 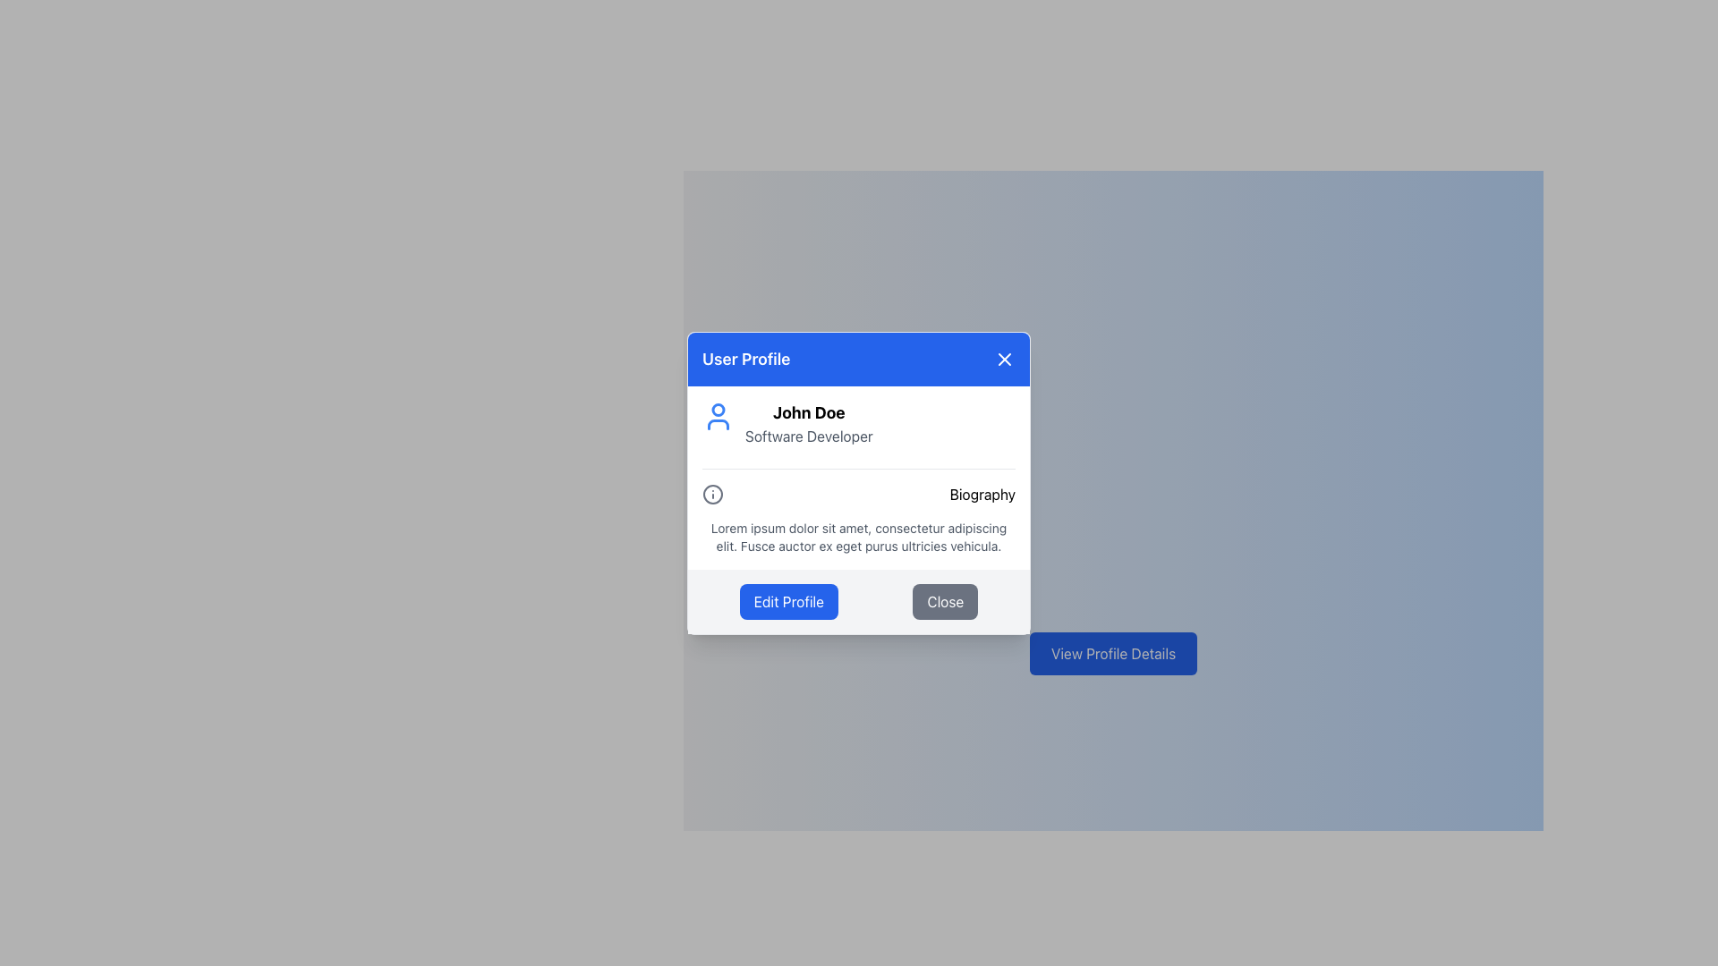 I want to click on text label displaying 'Software Developer' located directly below the bold name 'John Doe' in the user profile card interface, so click(x=808, y=436).